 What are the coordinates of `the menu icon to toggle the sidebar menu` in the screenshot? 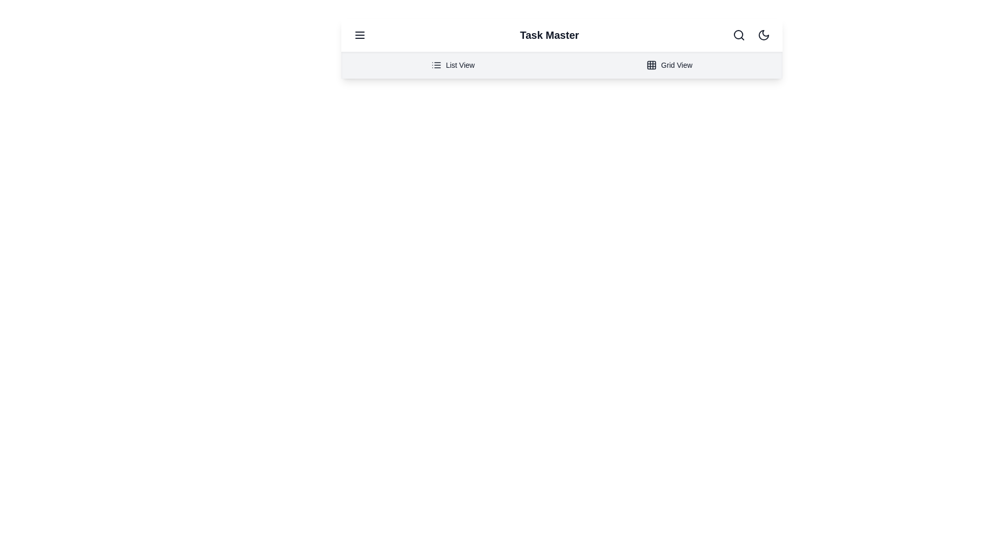 It's located at (360, 35).